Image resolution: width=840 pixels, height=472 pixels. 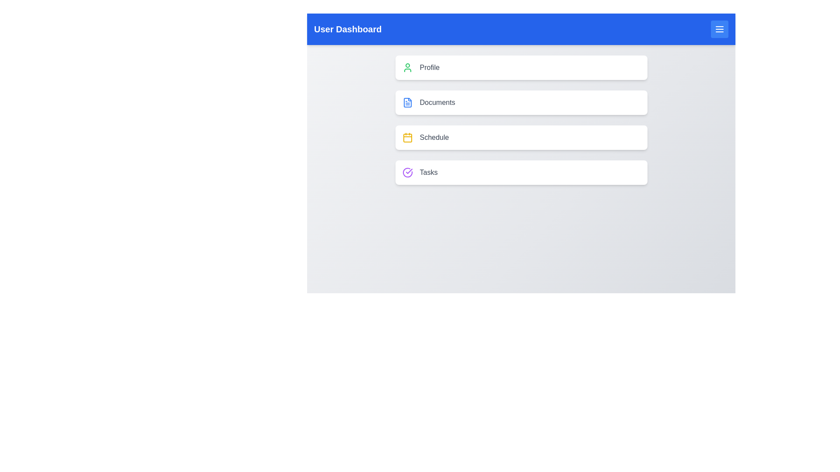 What do you see at coordinates (521, 67) in the screenshot?
I see `the menu item Profile` at bounding box center [521, 67].